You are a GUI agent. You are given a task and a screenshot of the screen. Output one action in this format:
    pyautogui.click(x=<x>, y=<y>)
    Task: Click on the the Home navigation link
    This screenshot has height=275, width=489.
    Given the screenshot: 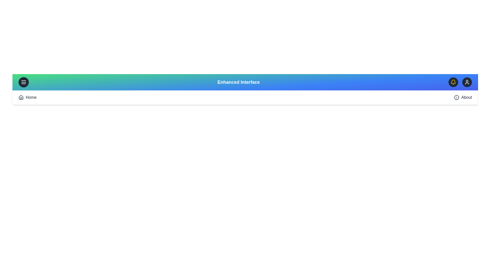 What is the action you would take?
    pyautogui.click(x=27, y=97)
    